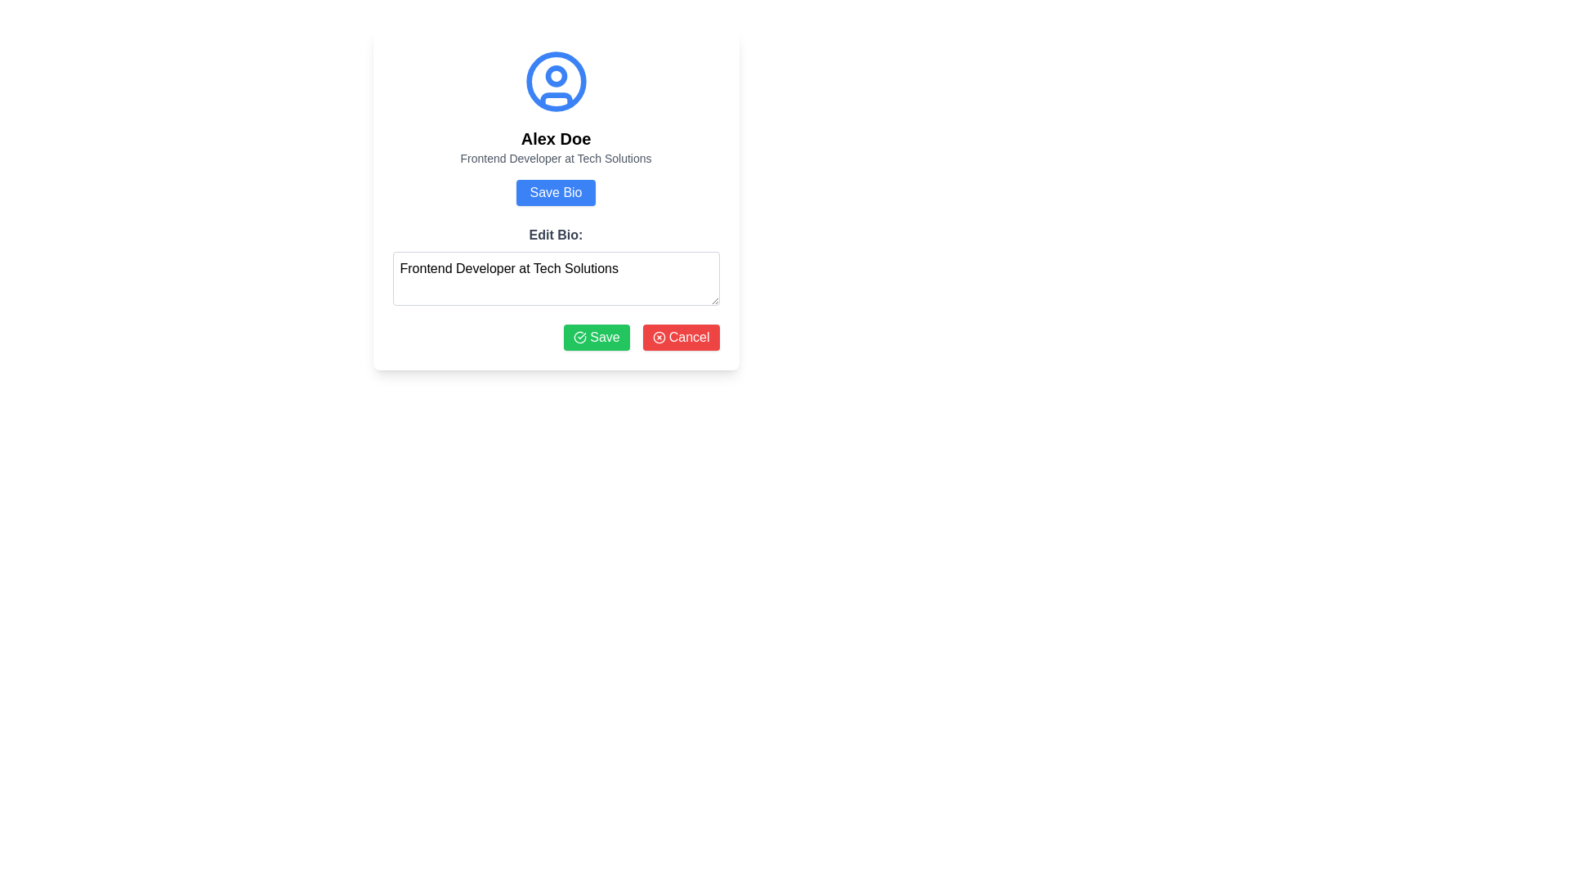  I want to click on the 'Edit Bio:' label, which is a bold gray text label located above the bio input field and below the 'Save Bio' button, so click(556, 235).